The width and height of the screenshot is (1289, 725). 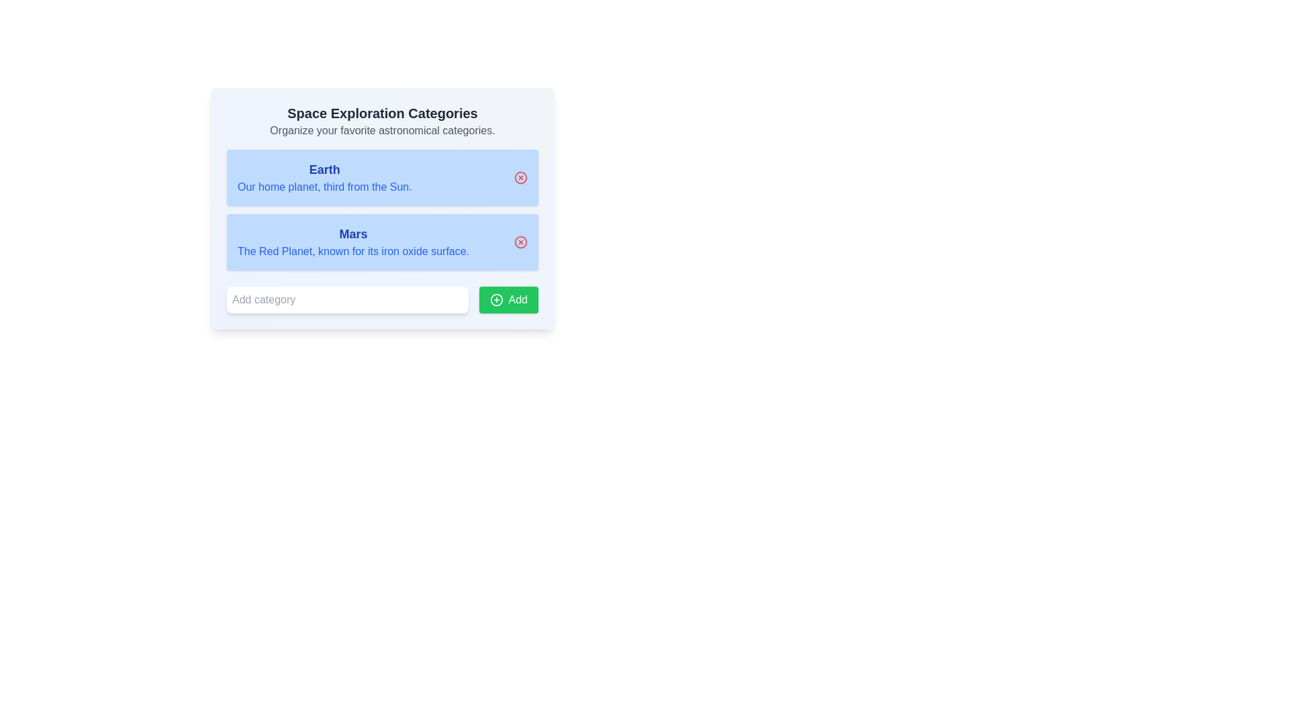 What do you see at coordinates (324, 169) in the screenshot?
I see `the text label displaying 'Earth' in bold and blue font, located at the top of the blue rectangle in the uppermost section of the list` at bounding box center [324, 169].